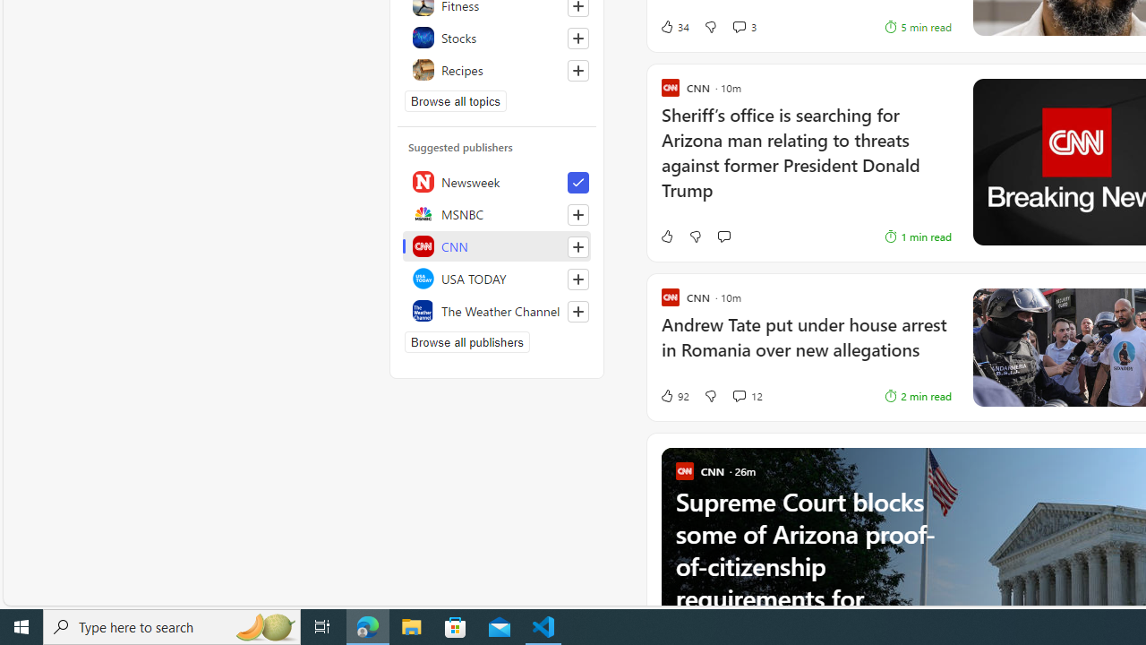 The width and height of the screenshot is (1146, 645). I want to click on 'Newsweek', so click(497, 182).